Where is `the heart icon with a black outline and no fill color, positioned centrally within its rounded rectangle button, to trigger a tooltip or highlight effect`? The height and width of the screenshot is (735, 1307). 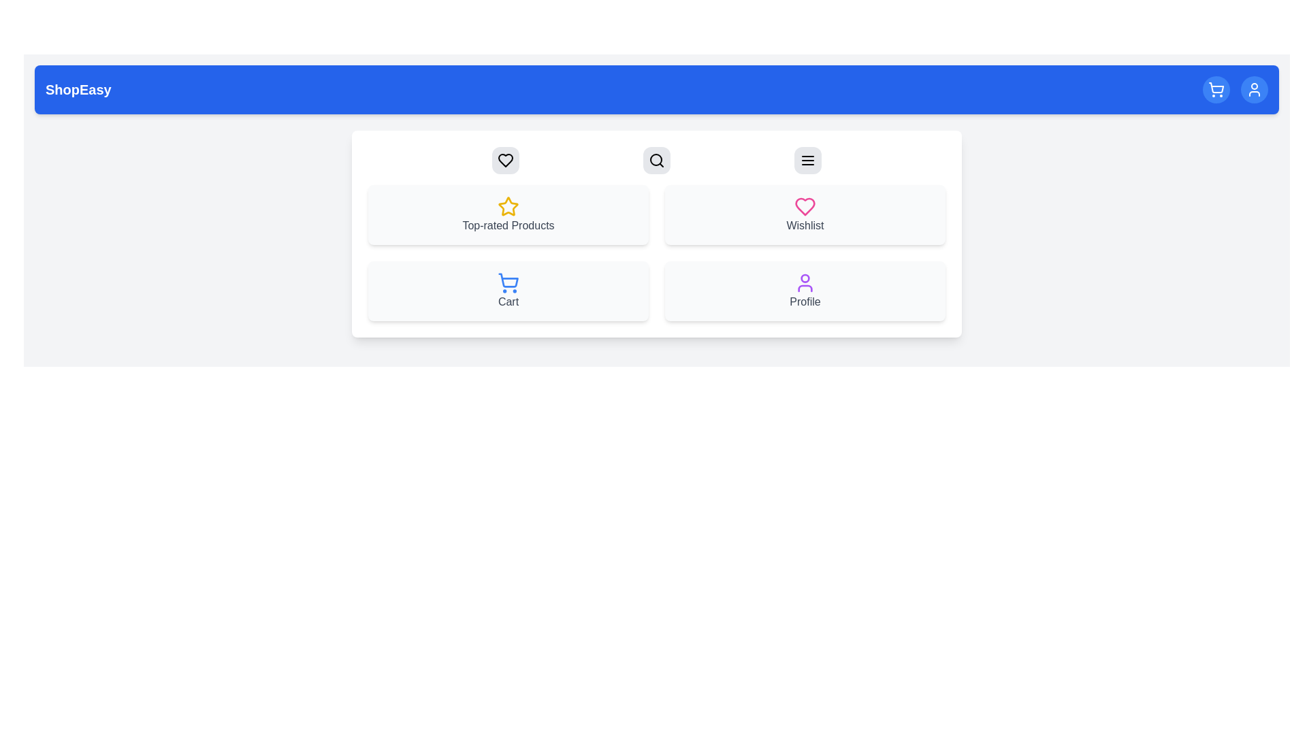
the heart icon with a black outline and no fill color, positioned centrally within its rounded rectangle button, to trigger a tooltip or highlight effect is located at coordinates (505, 159).